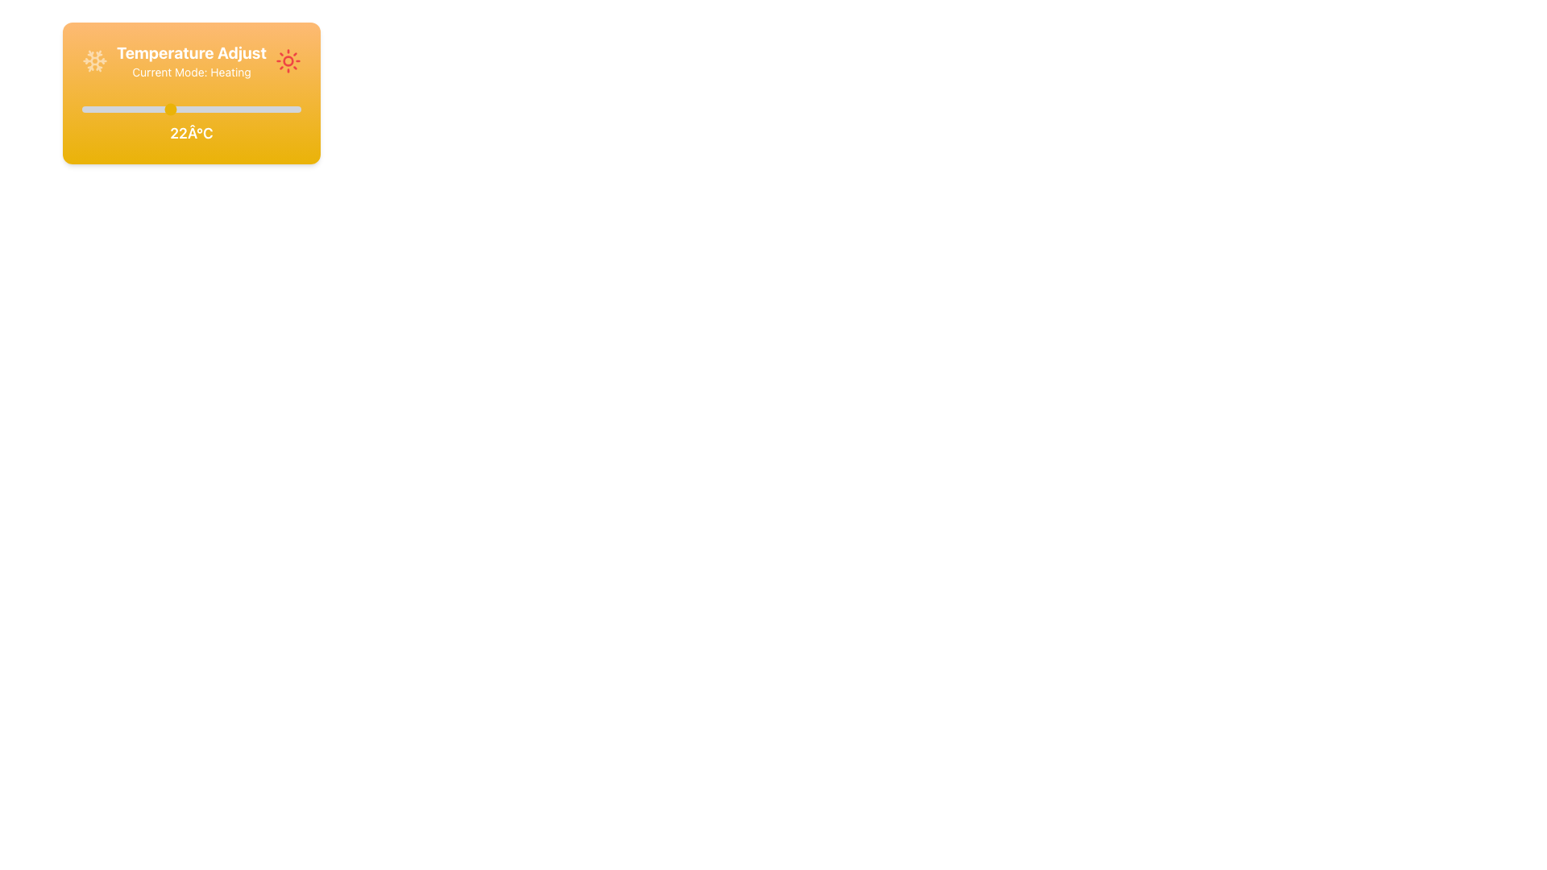  Describe the element at coordinates (279, 109) in the screenshot. I see `the temperature` at that location.